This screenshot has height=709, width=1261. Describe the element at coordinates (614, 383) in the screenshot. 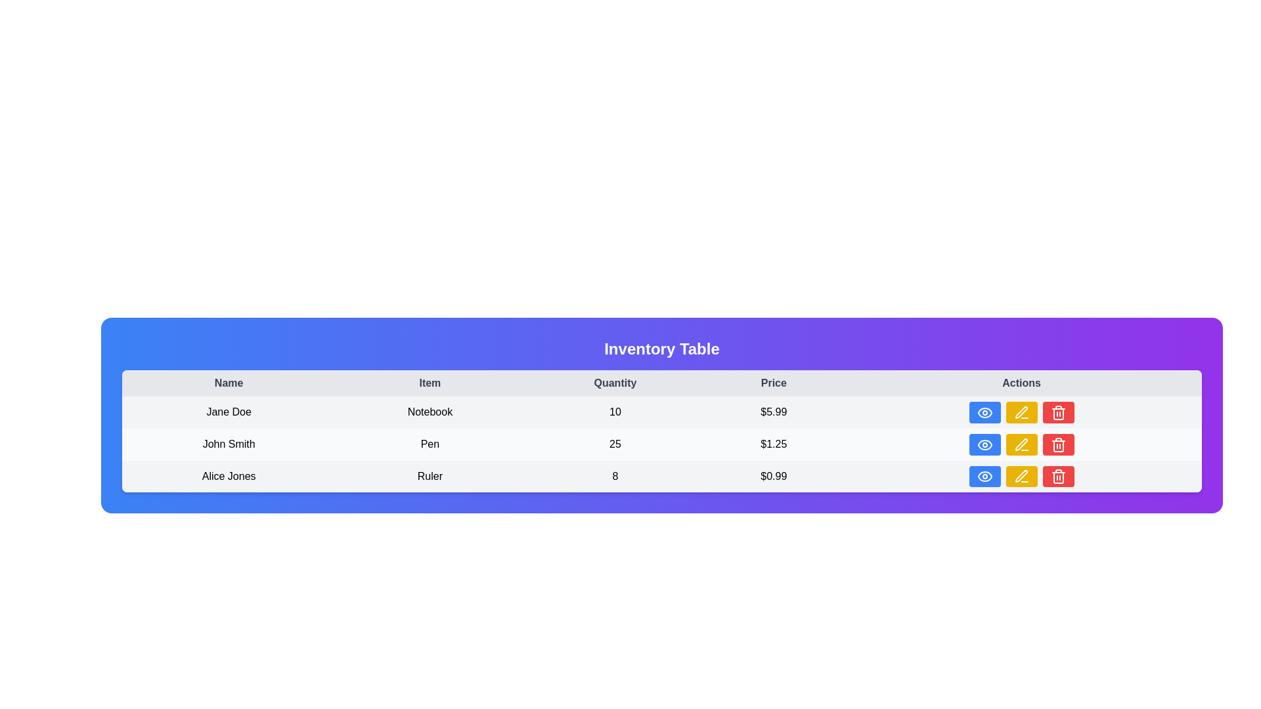

I see `the 'Quantity' label, which is a bold, medium-sized black text in the header row of a table, centered in its cell between 'Item' and 'Price'` at that location.